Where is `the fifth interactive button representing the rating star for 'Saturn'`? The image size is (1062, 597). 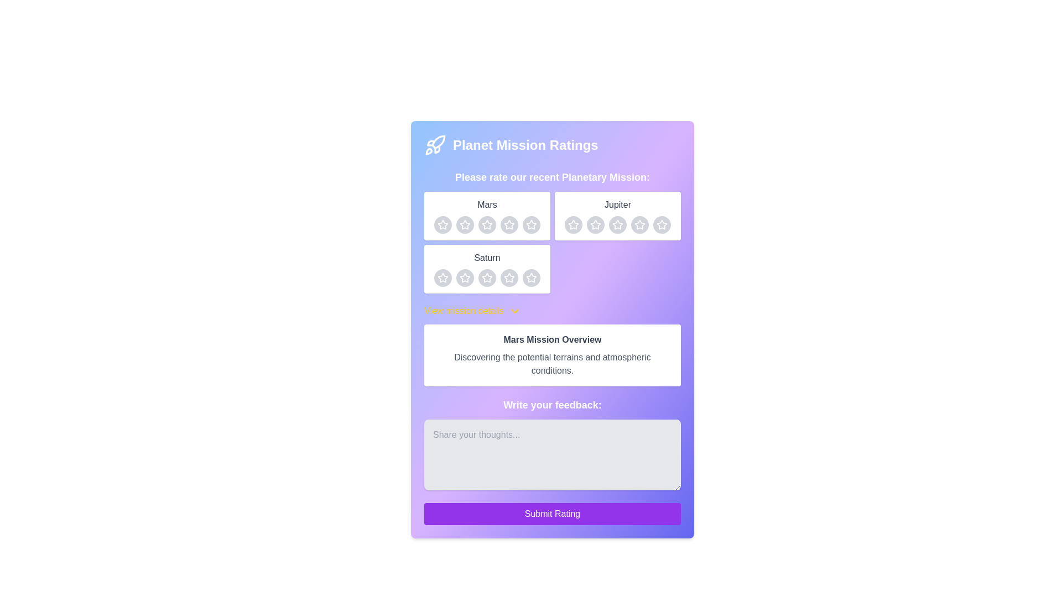
the fifth interactive button representing the rating star for 'Saturn' is located at coordinates (531, 277).